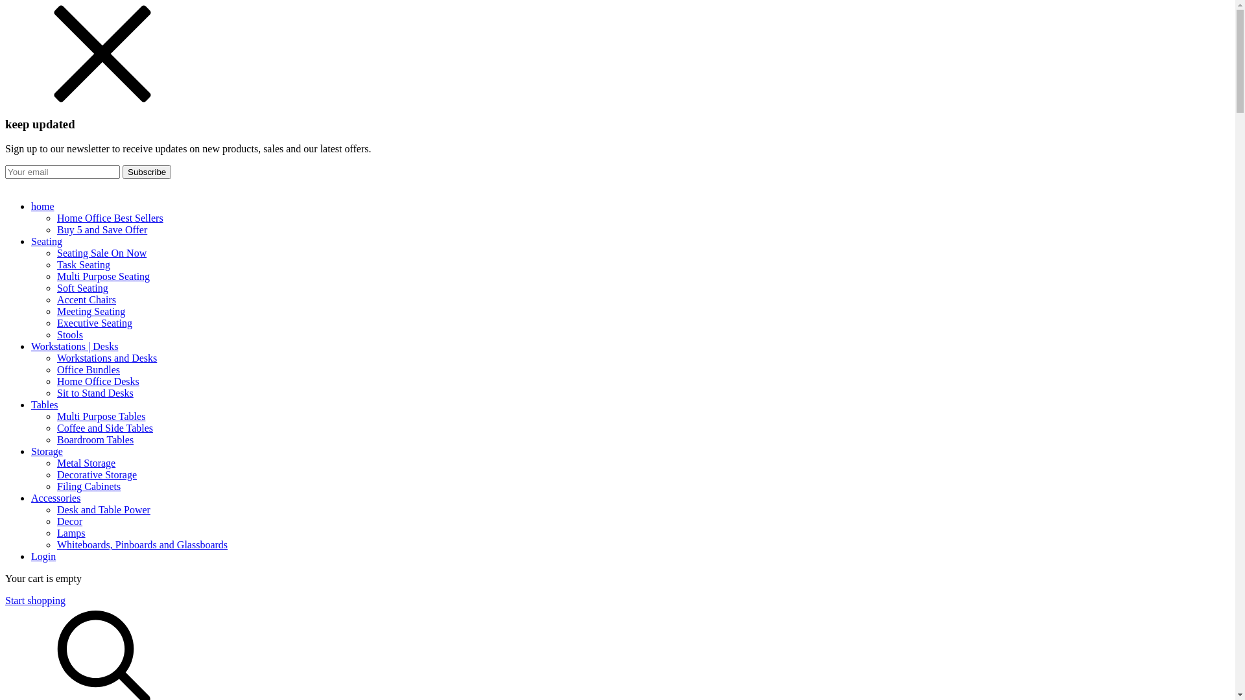 The image size is (1245, 700). Describe the element at coordinates (71, 533) in the screenshot. I see `'Lamps'` at that location.